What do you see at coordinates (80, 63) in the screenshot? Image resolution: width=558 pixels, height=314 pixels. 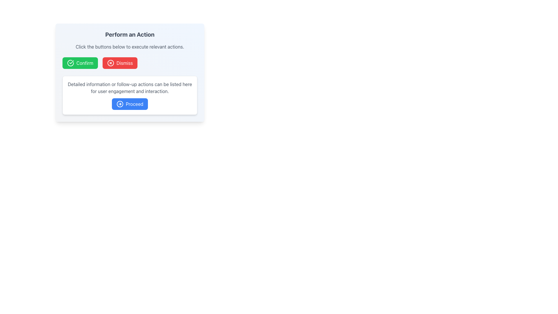 I see `the 'Confirm' button which is the first button on the left in a horizontal layout adjacent to the 'Dismiss' button` at bounding box center [80, 63].